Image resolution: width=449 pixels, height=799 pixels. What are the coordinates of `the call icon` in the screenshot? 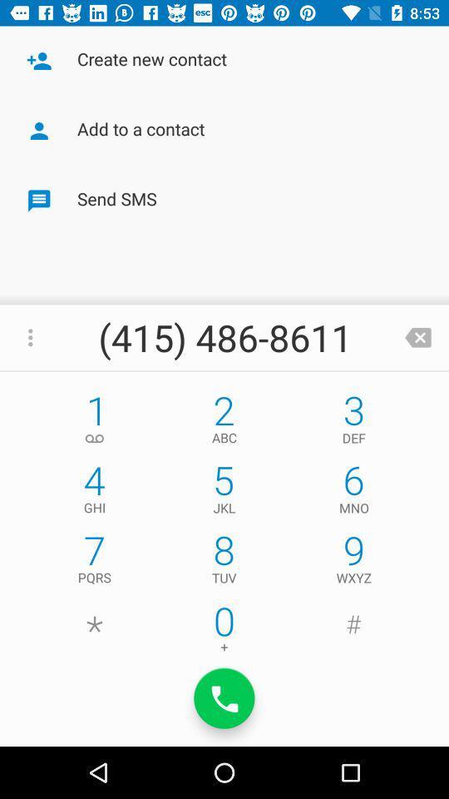 It's located at (224, 698).